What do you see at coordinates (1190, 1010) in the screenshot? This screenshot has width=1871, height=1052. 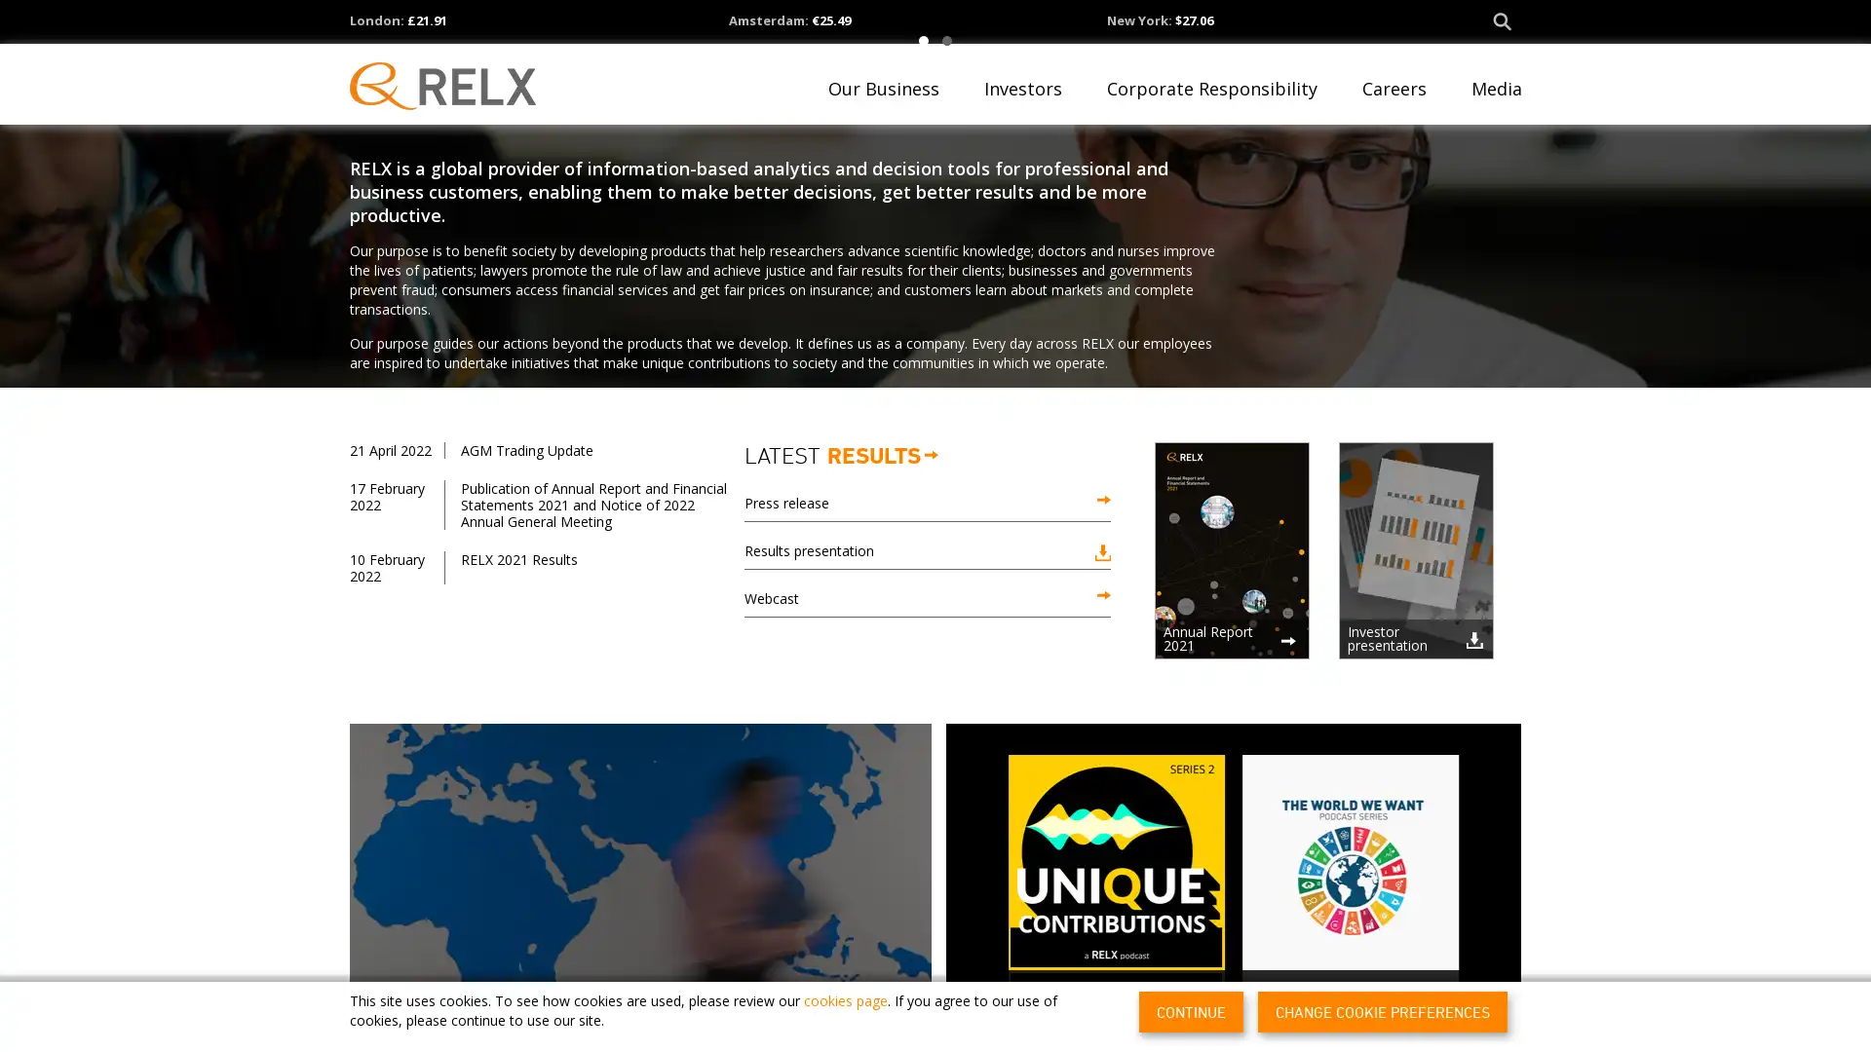 I see `CONTINUE` at bounding box center [1190, 1010].